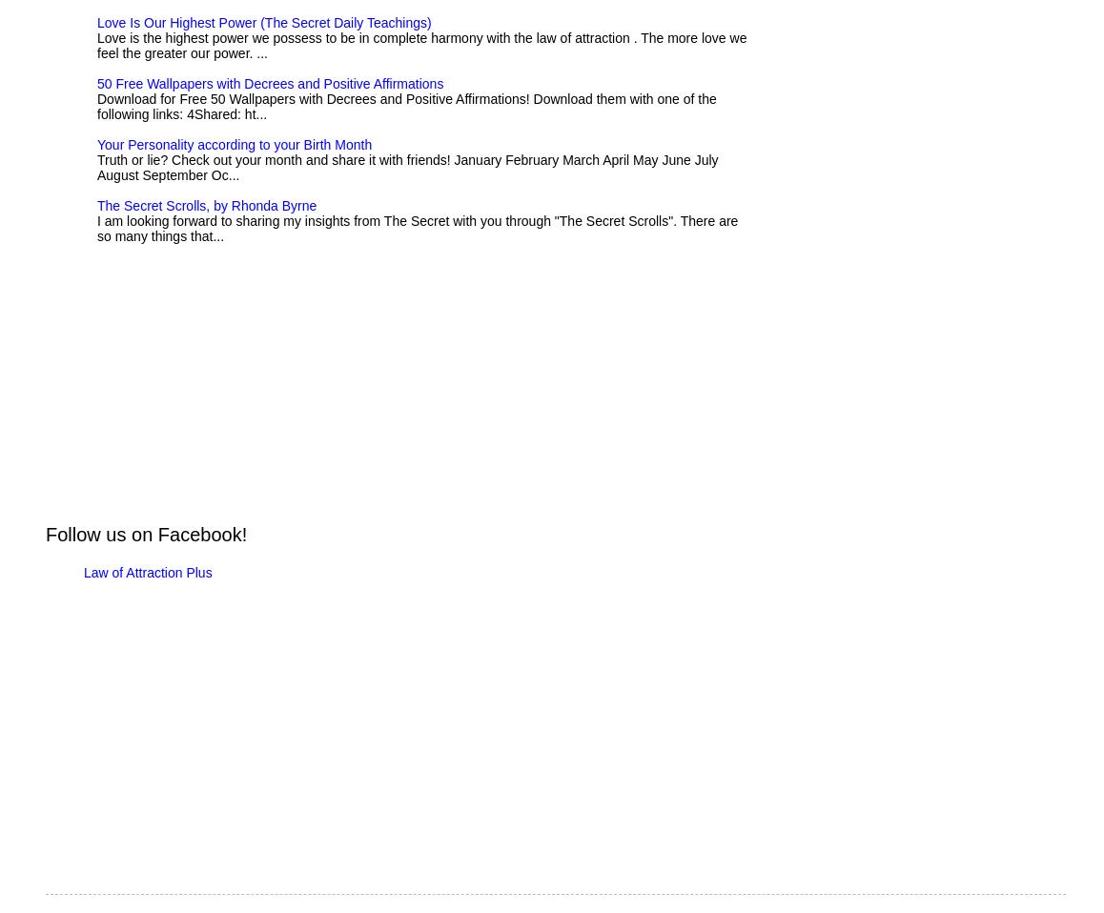  I want to click on 'Truth or lie?   Check out your month and share it with friends!      January  February  March  April  May  June  July  August  September  Oc...', so click(407, 166).